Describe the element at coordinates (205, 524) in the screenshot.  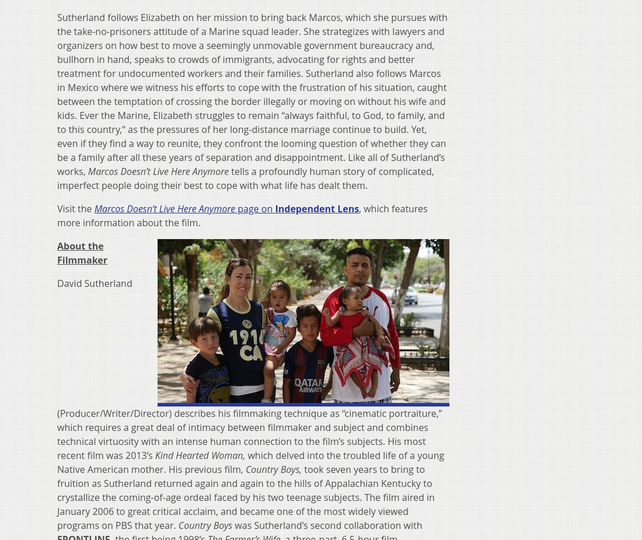
I see `'Country Boys'` at that location.